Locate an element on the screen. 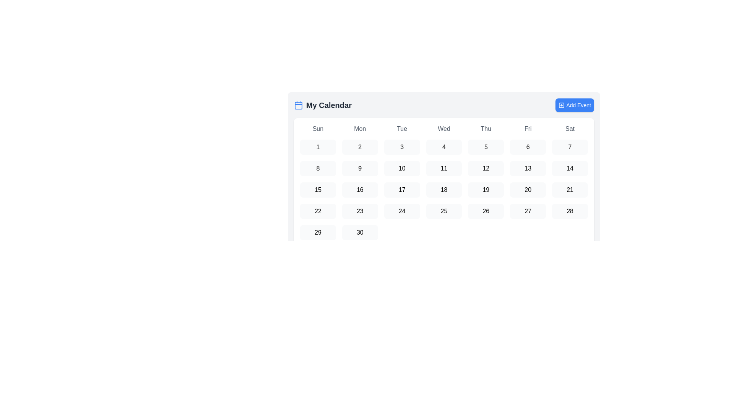 This screenshot has height=412, width=734. the Date cell representing the 12th day in the calendar grid, located in the fourth row and fifth column under the 'Thu' column is located at coordinates (486, 168).